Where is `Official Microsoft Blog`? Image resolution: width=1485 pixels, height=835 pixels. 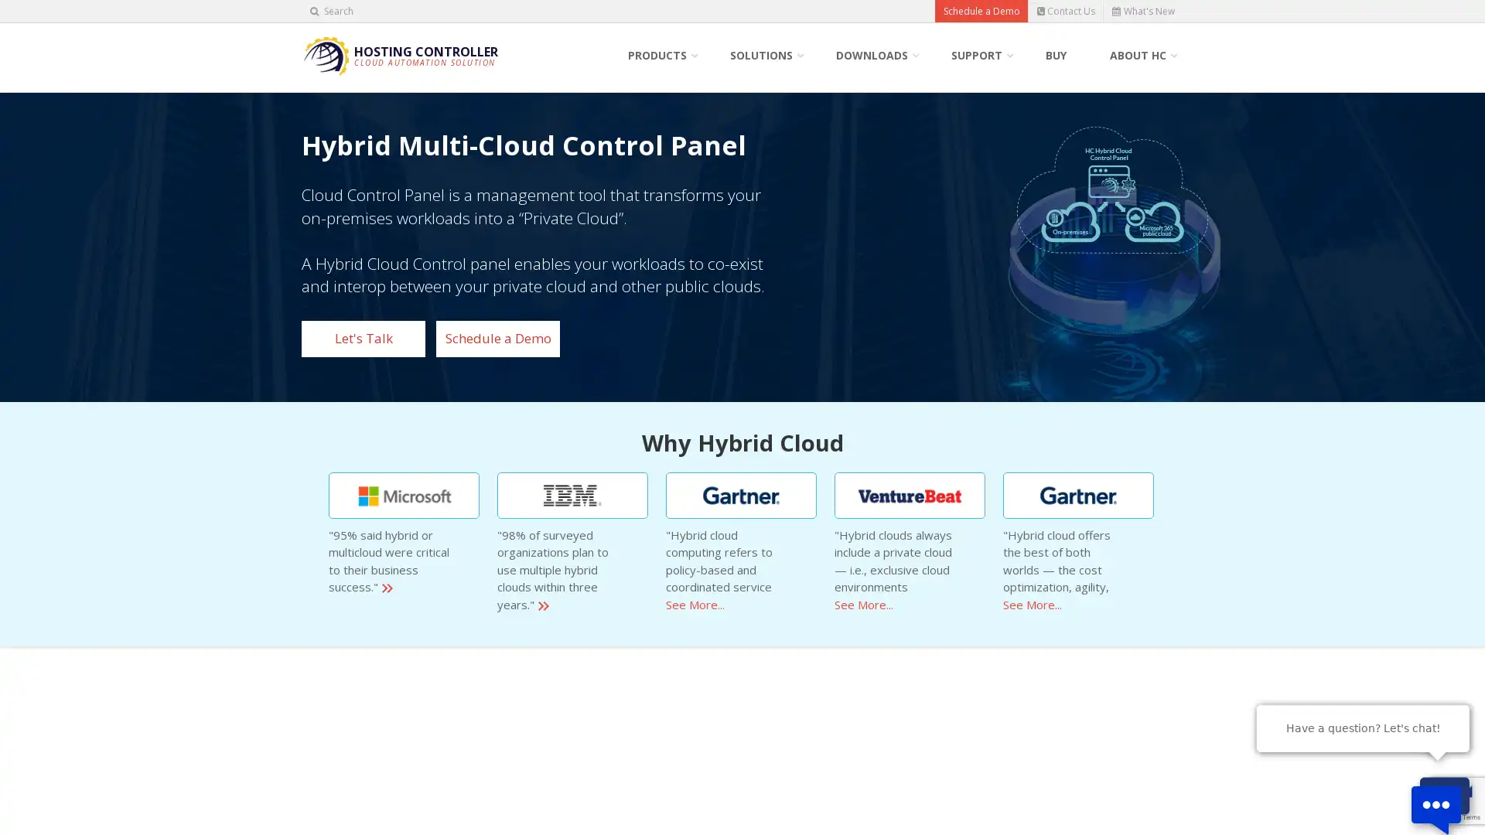
Official Microsoft Blog is located at coordinates (404, 495).